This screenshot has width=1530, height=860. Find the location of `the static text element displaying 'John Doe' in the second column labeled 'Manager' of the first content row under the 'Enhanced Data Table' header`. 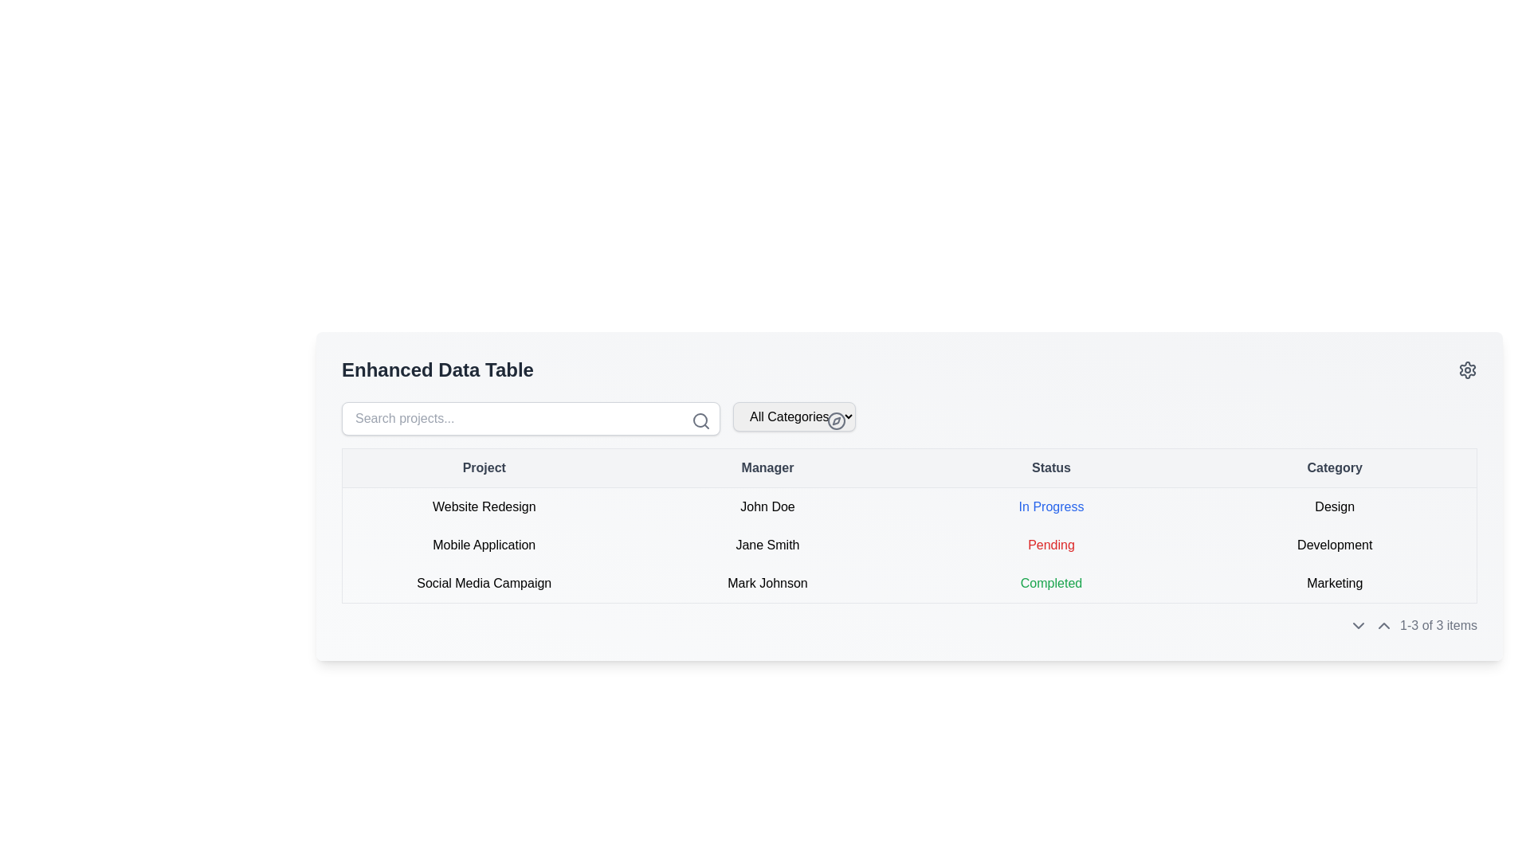

the static text element displaying 'John Doe' in the second column labeled 'Manager' of the first content row under the 'Enhanced Data Table' header is located at coordinates (767, 506).